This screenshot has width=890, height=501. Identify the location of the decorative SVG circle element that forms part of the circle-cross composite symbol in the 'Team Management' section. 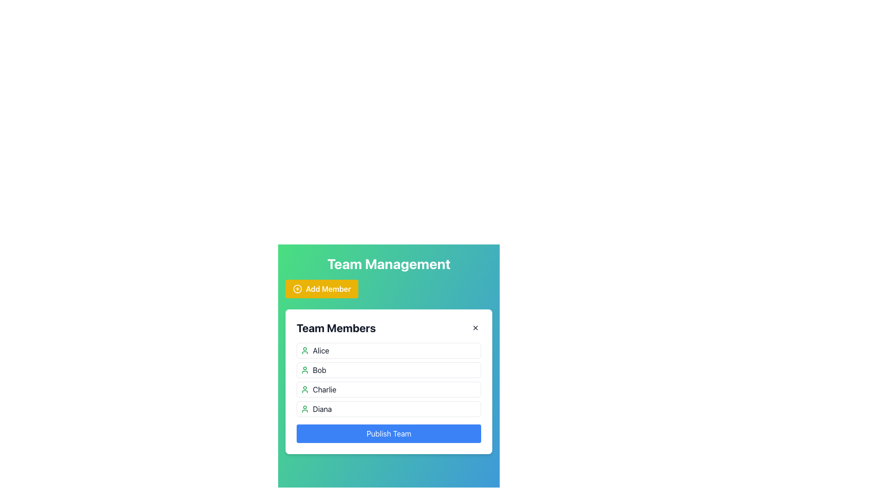
(298, 289).